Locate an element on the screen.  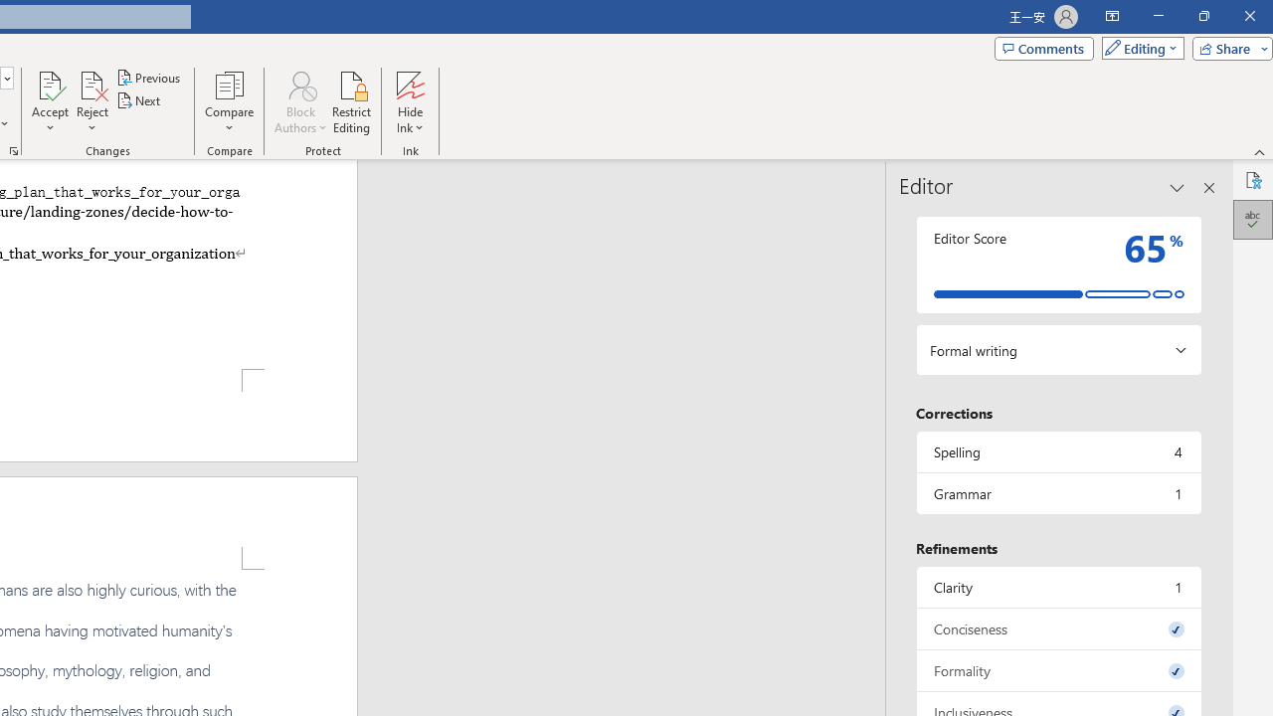
'Editing' is located at coordinates (1138, 47).